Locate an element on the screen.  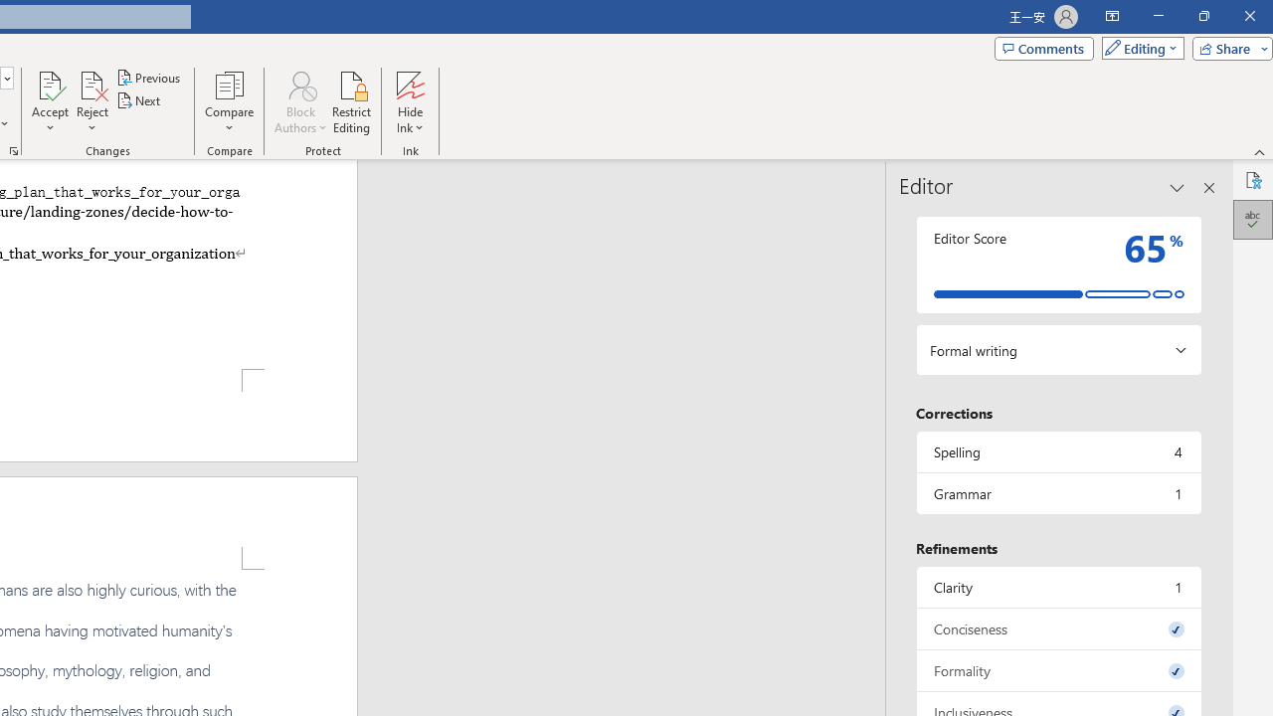
'Editing' is located at coordinates (1138, 47).